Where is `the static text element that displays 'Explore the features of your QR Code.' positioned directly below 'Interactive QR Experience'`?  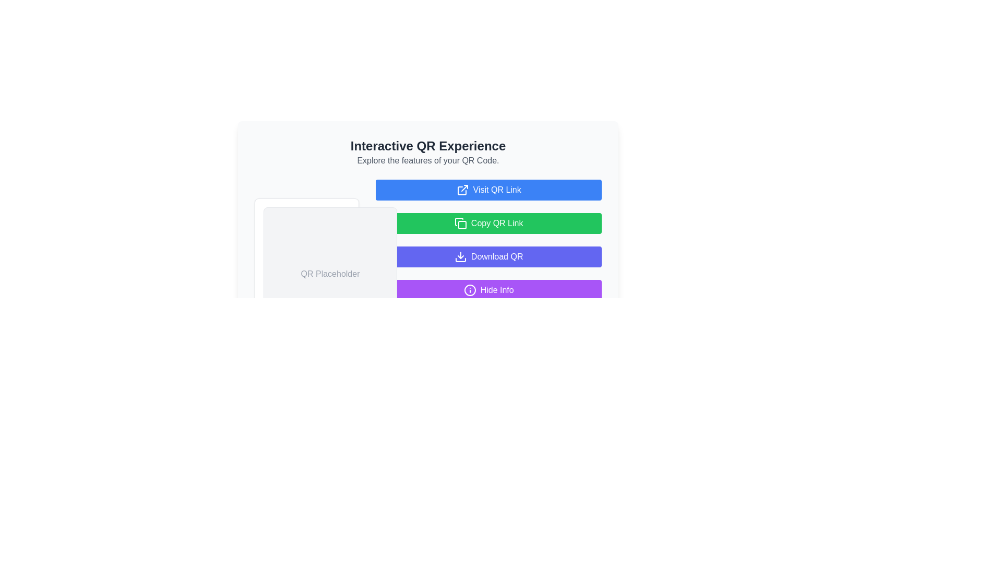 the static text element that displays 'Explore the features of your QR Code.' positioned directly below 'Interactive QR Experience' is located at coordinates (428, 161).